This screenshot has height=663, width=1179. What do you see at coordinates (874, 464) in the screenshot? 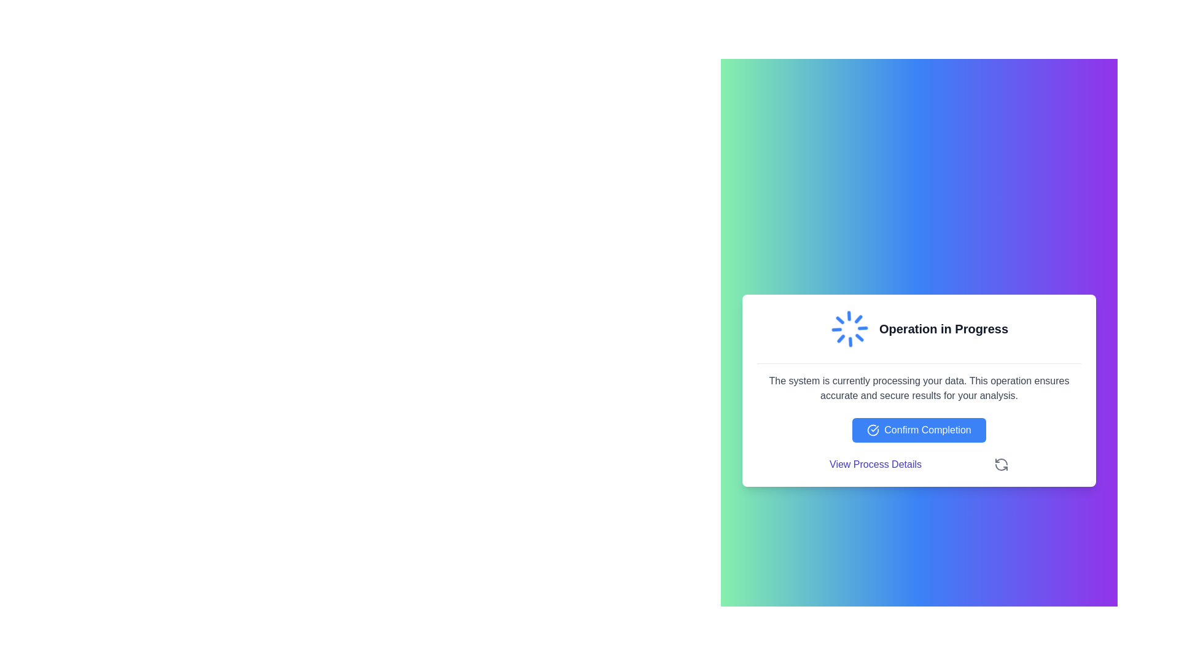
I see `the indigo text link 'View Process Details' to underline it, which is positioned below the 'Confirm Completion' button and to the left of a refresh icon` at bounding box center [874, 464].